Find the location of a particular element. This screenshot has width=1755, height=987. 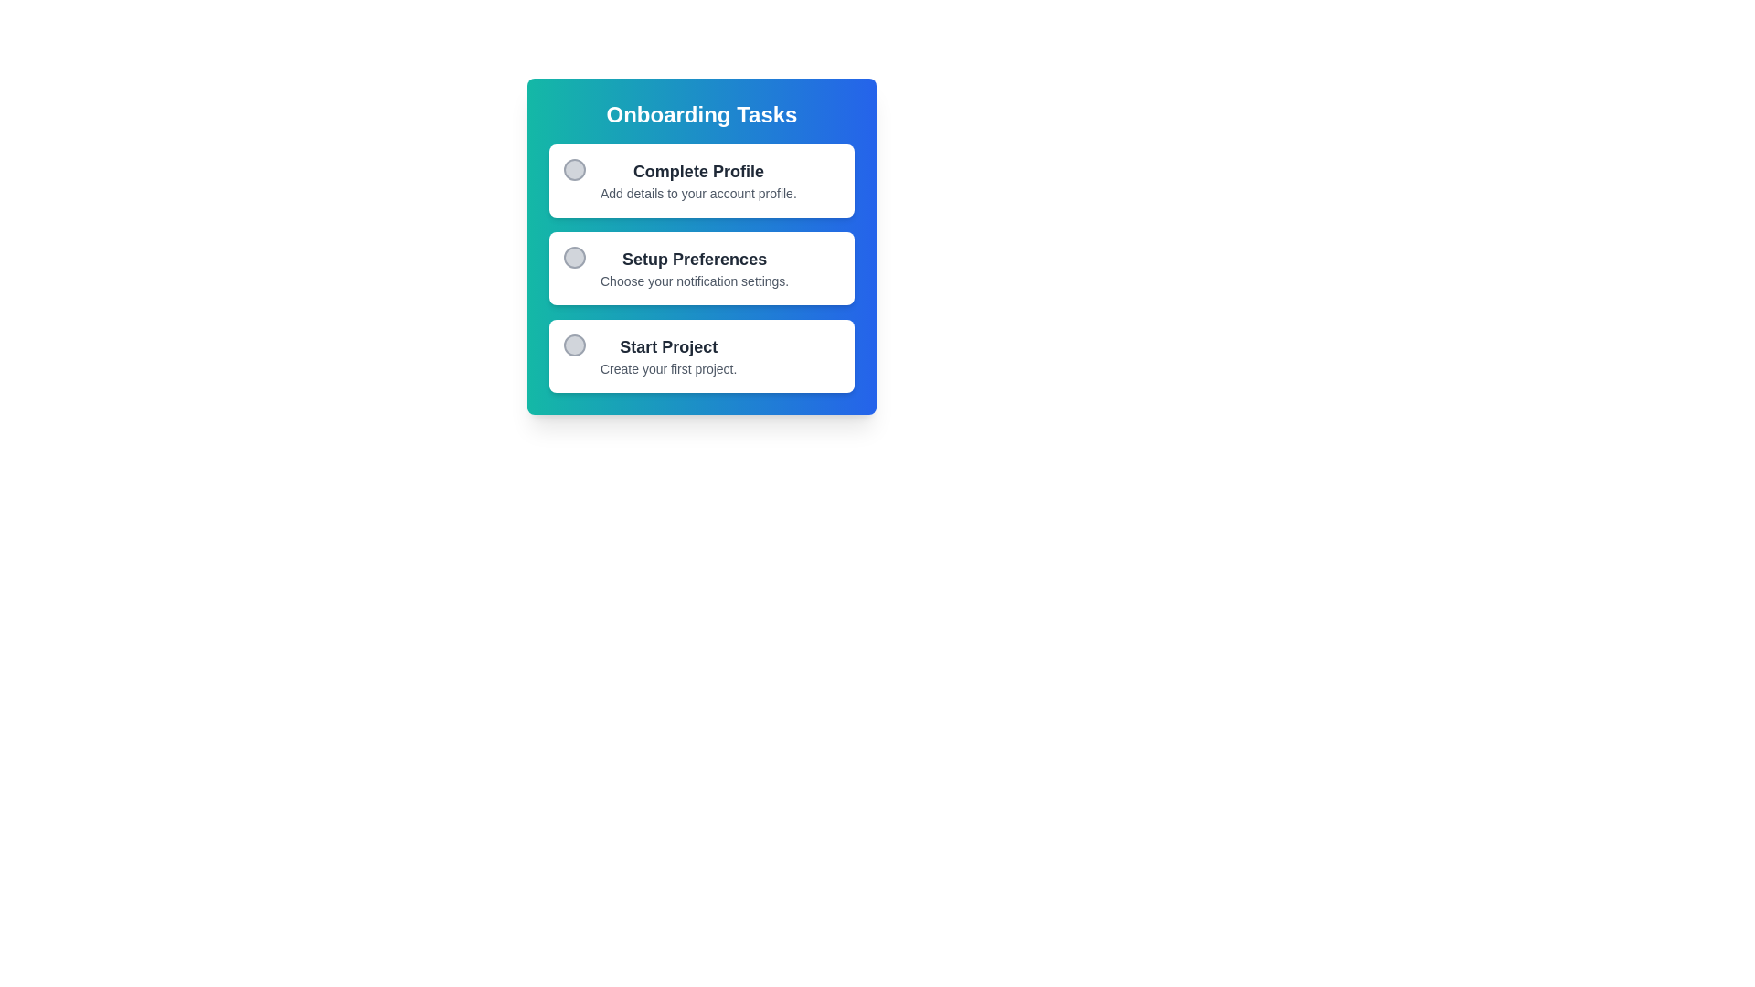

the toggle button or checkbox located to the left of the 'Start Project' label in the 'Onboarding Tasks' card is located at coordinates (573, 345).